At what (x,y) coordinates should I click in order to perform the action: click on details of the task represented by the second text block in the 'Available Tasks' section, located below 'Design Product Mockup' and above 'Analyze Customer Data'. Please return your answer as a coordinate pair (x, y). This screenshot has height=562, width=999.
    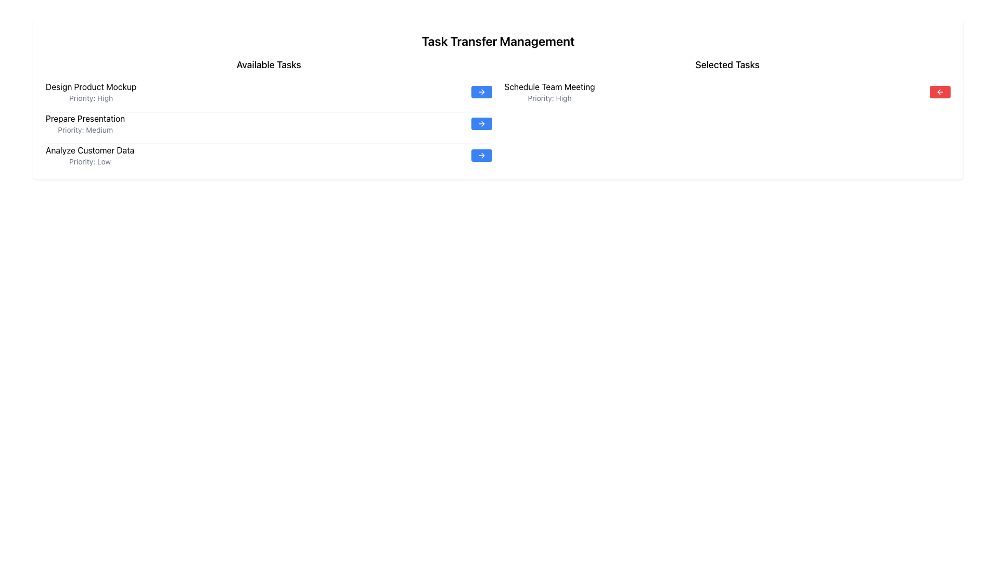
    Looking at the image, I should click on (85, 123).